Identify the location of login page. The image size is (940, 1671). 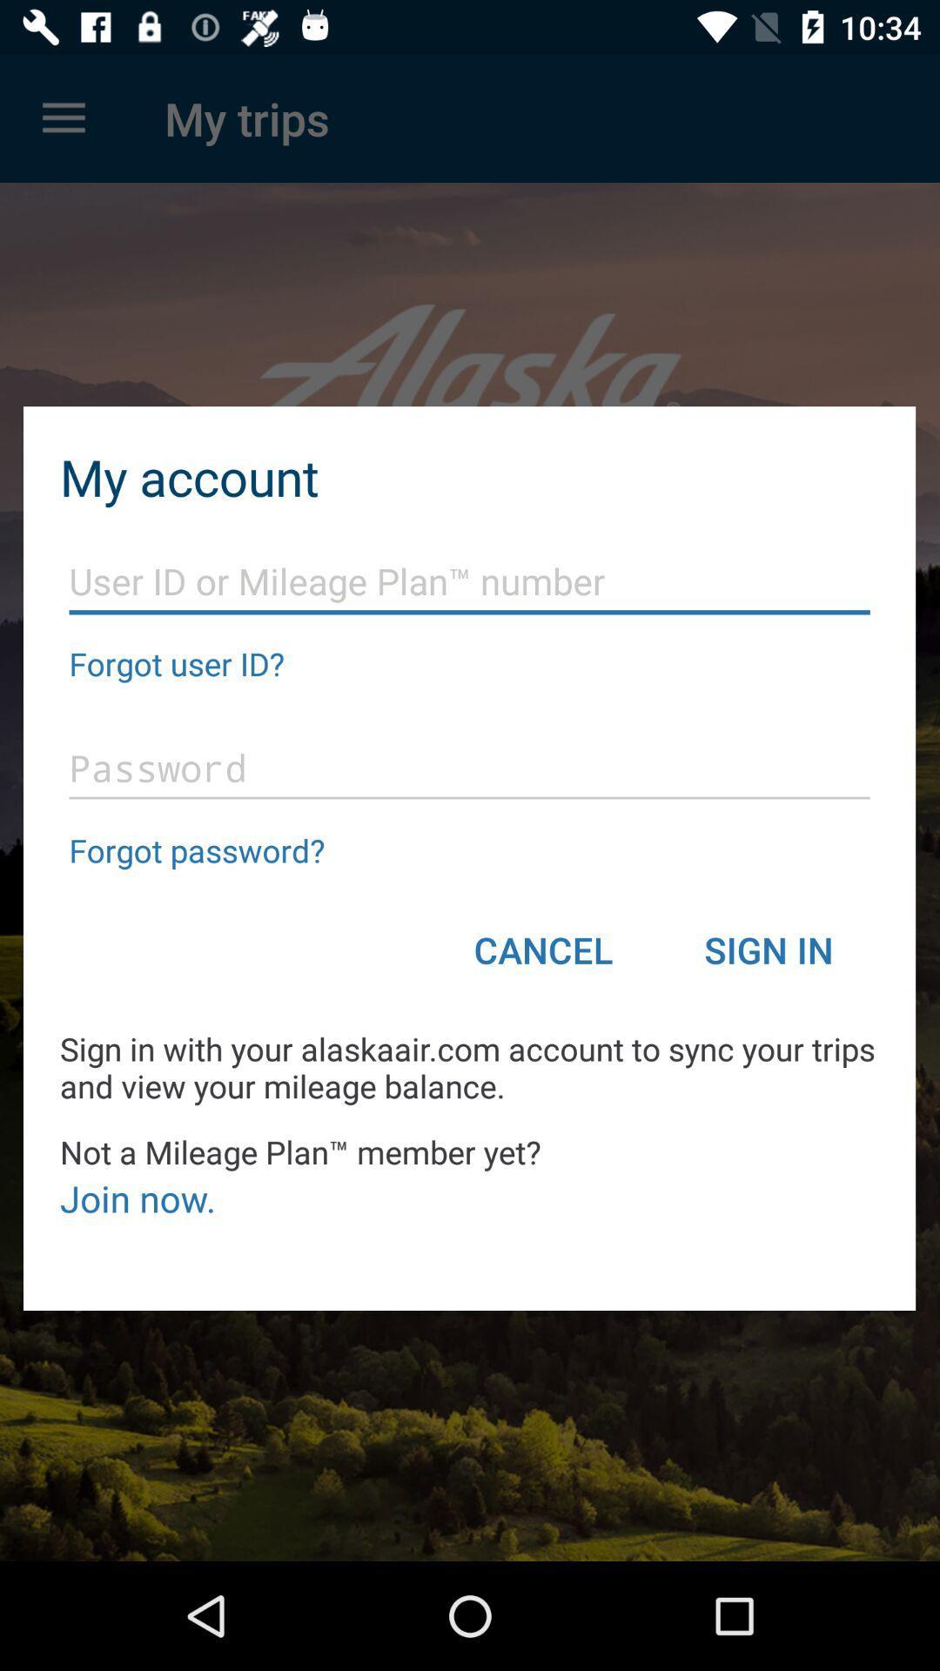
(468, 768).